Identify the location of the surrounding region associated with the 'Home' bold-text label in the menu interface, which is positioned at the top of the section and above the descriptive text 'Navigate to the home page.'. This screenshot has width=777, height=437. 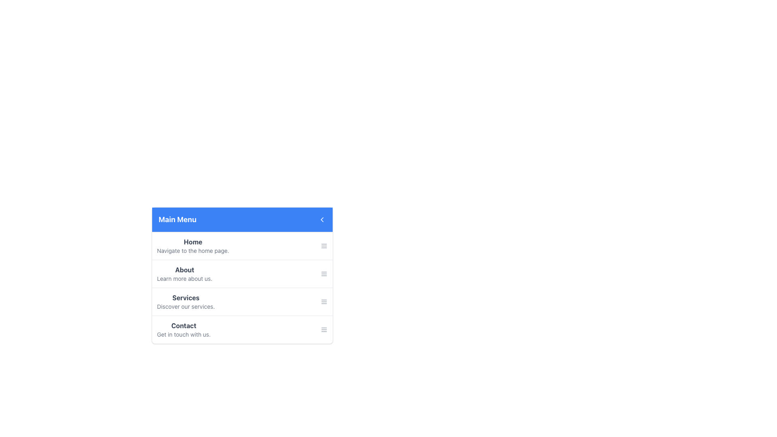
(193, 241).